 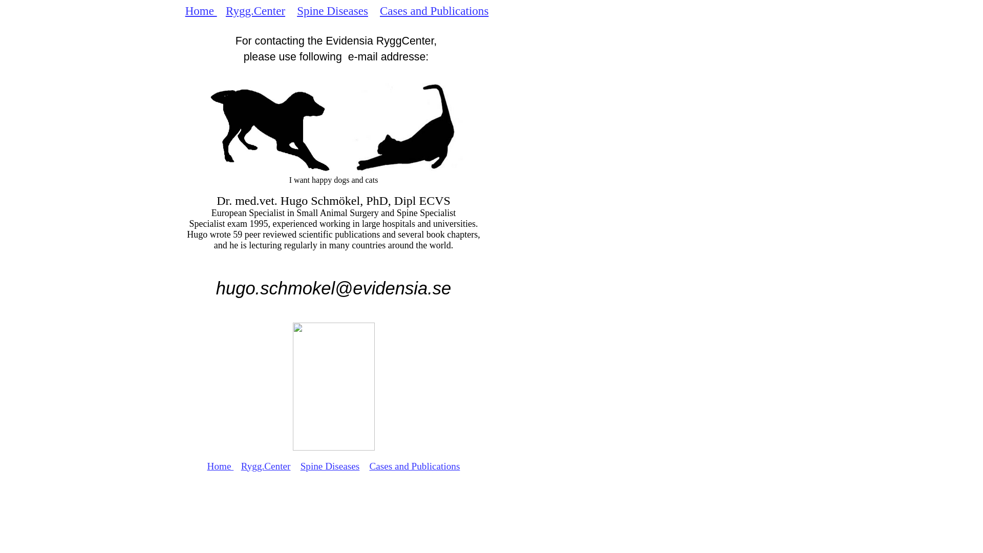 I want to click on 'Home', so click(x=220, y=466).